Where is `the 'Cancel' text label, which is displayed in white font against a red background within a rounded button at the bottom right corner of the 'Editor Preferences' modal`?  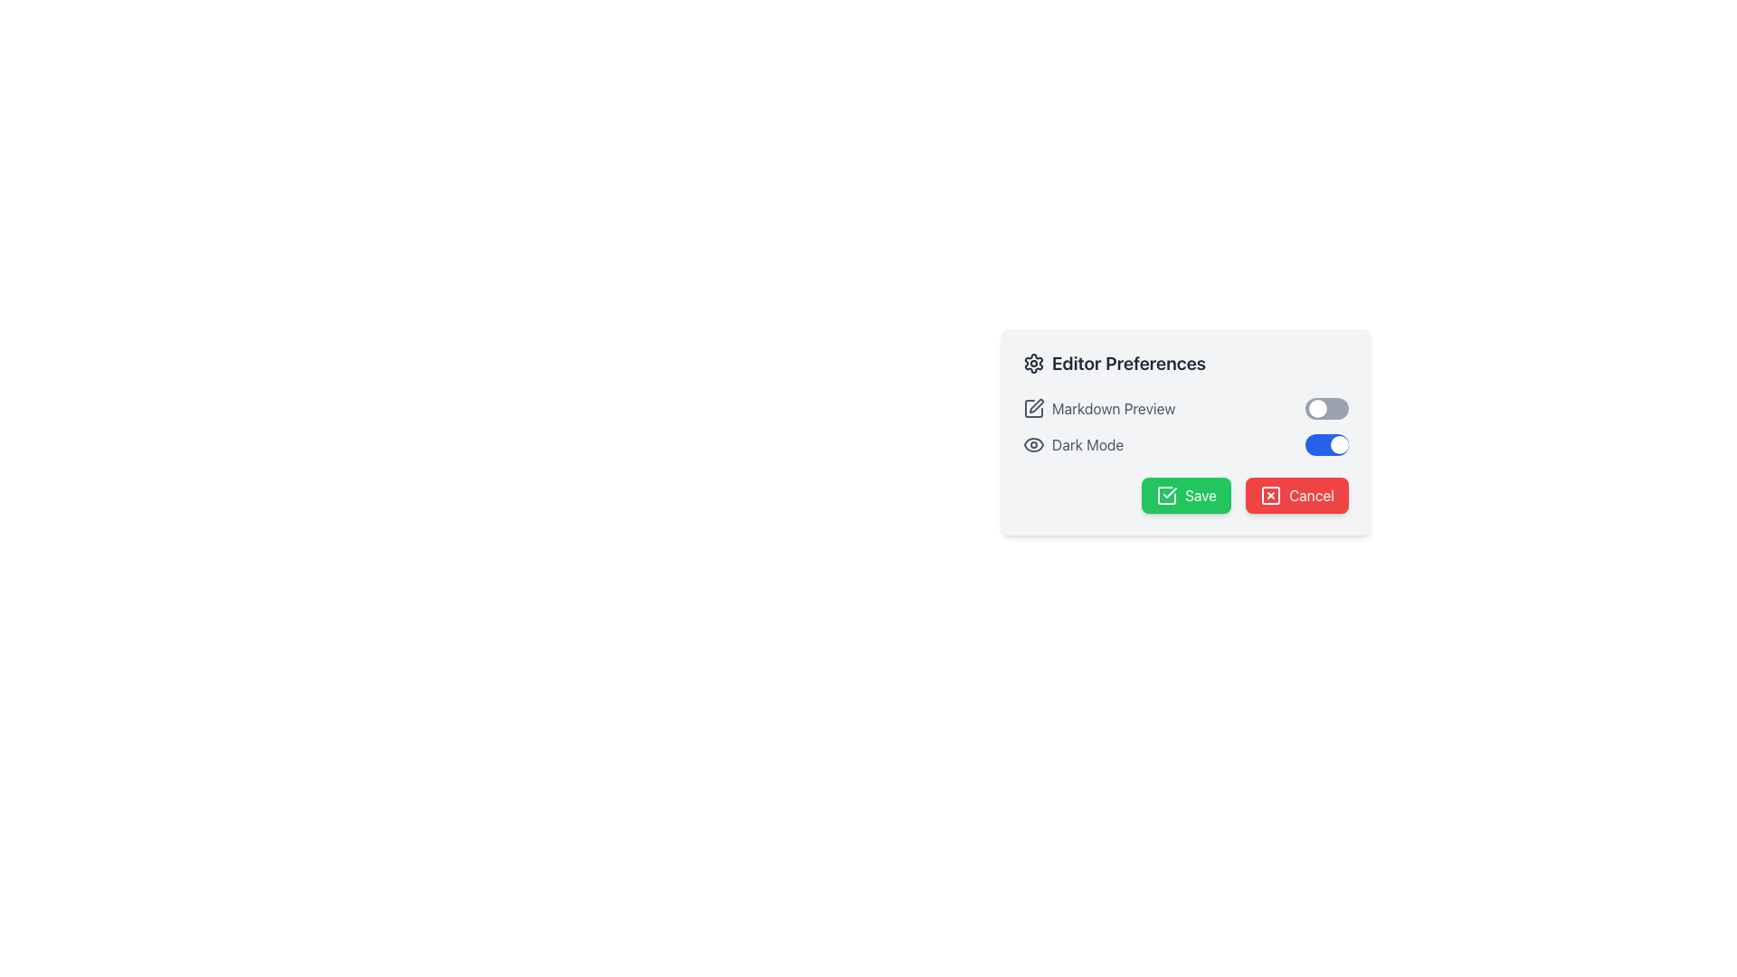 the 'Cancel' text label, which is displayed in white font against a red background within a rounded button at the bottom right corner of the 'Editor Preferences' modal is located at coordinates (1311, 495).